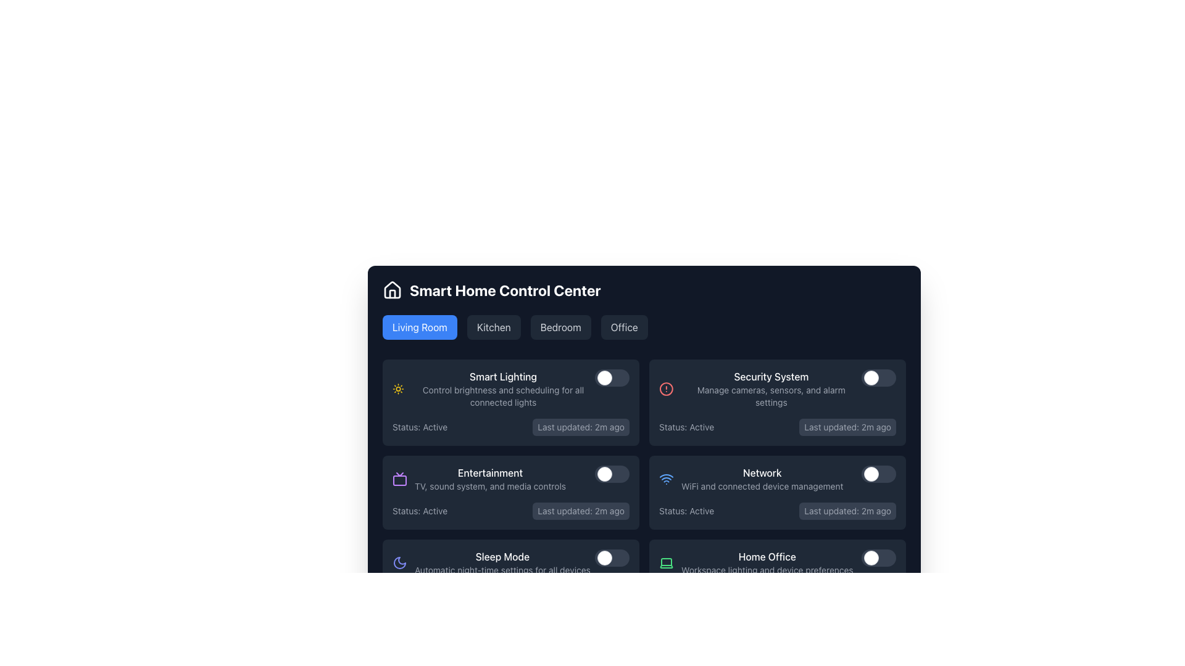 The image size is (1185, 666). What do you see at coordinates (612, 558) in the screenshot?
I see `the toggle switch with a dark gray background and a white circular handle located on the right side of the 'Sleep Mode' panel in the 'Smart Home Control Center' interface to switch it on or off` at bounding box center [612, 558].